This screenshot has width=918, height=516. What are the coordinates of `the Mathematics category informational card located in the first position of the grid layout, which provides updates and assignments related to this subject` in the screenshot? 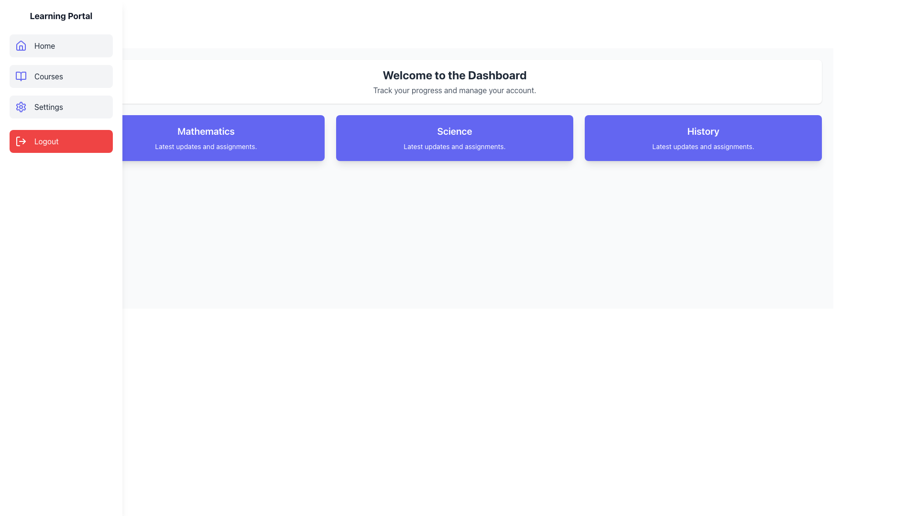 It's located at (206, 138).